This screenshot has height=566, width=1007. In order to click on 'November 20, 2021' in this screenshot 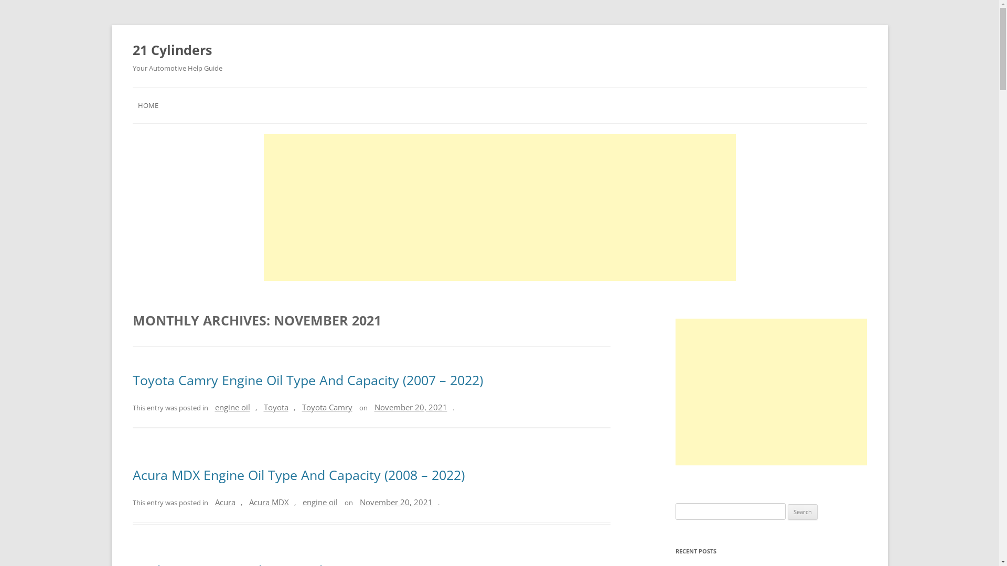, I will do `click(395, 501)`.